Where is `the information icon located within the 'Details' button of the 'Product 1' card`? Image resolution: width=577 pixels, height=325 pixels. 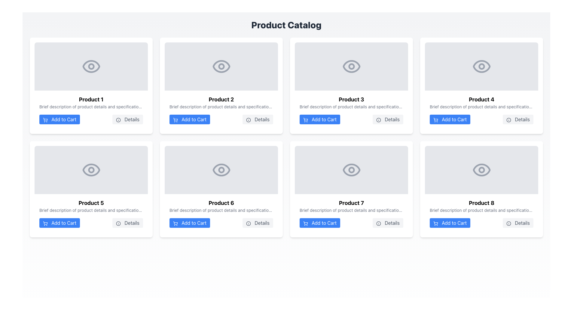 the information icon located within the 'Details' button of the 'Product 1' card is located at coordinates (118, 120).